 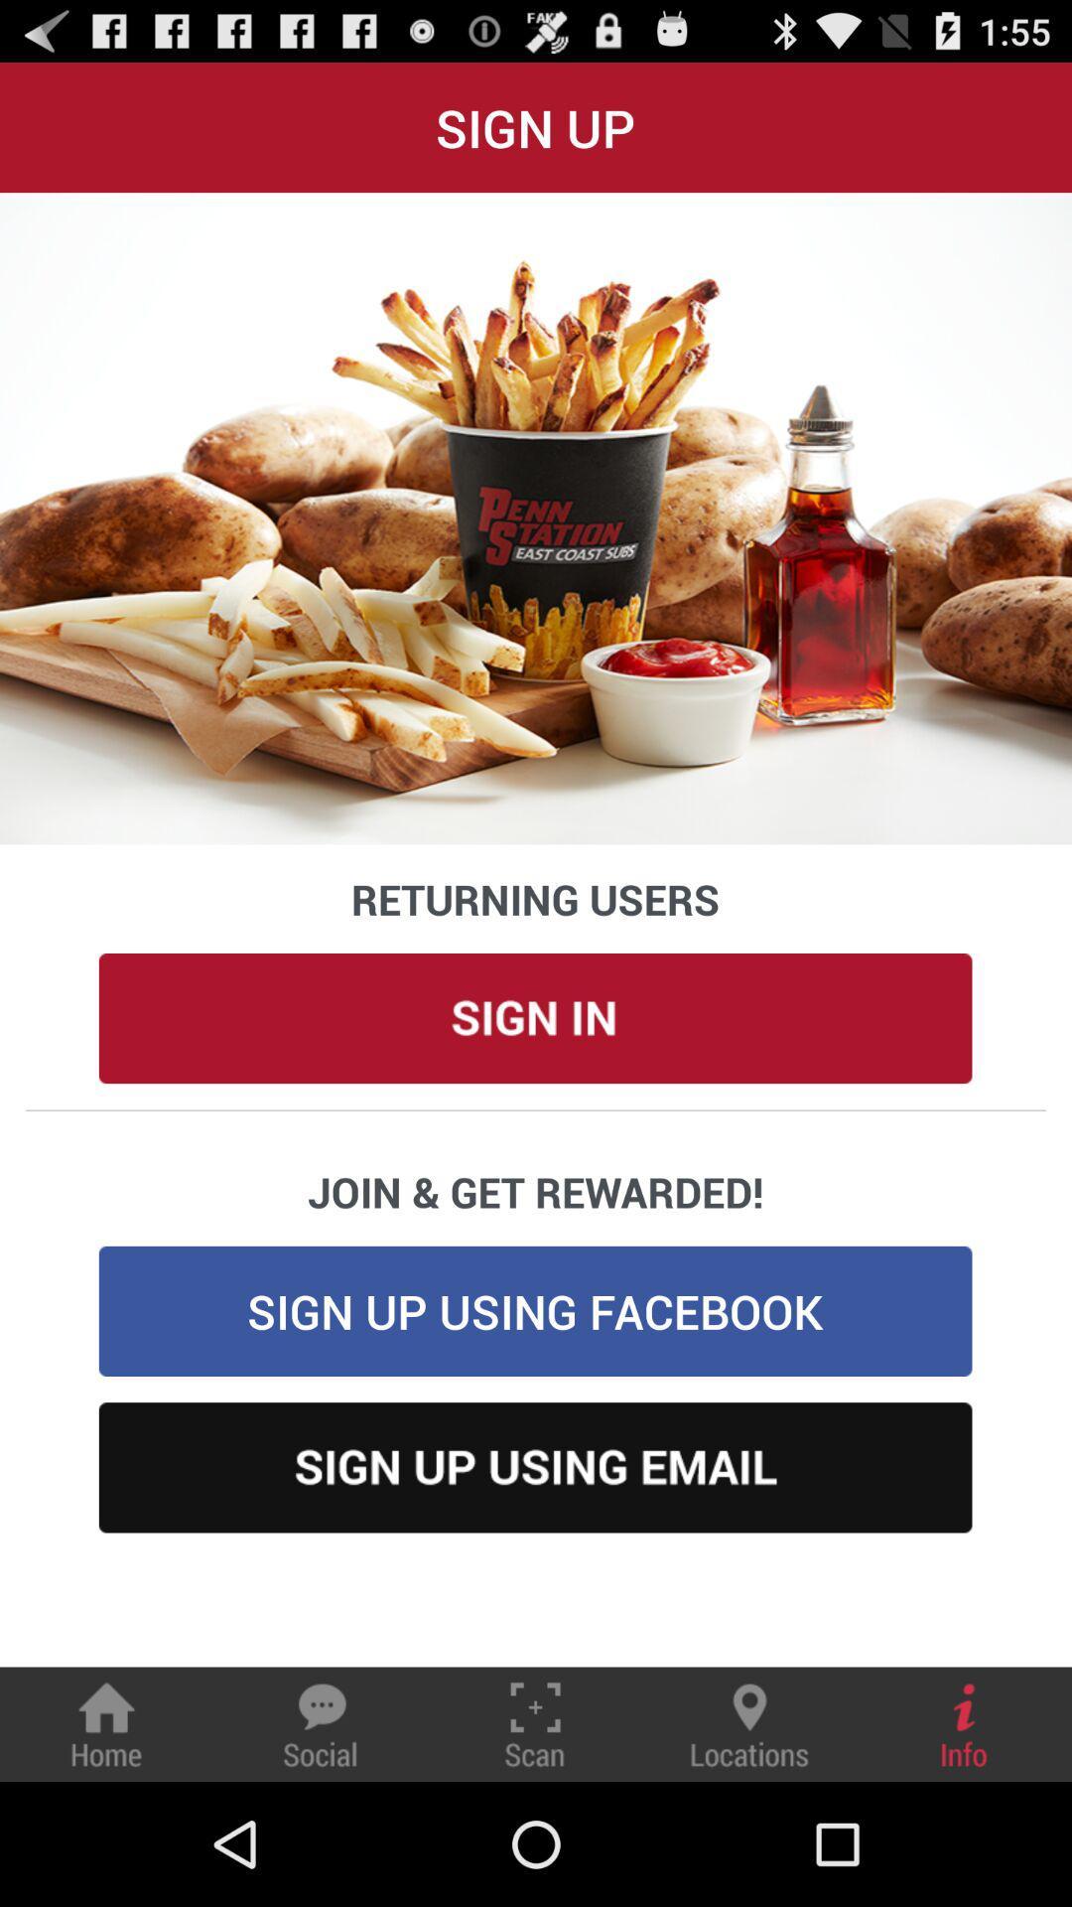 I want to click on the button sign up using facebook, so click(x=536, y=1311).